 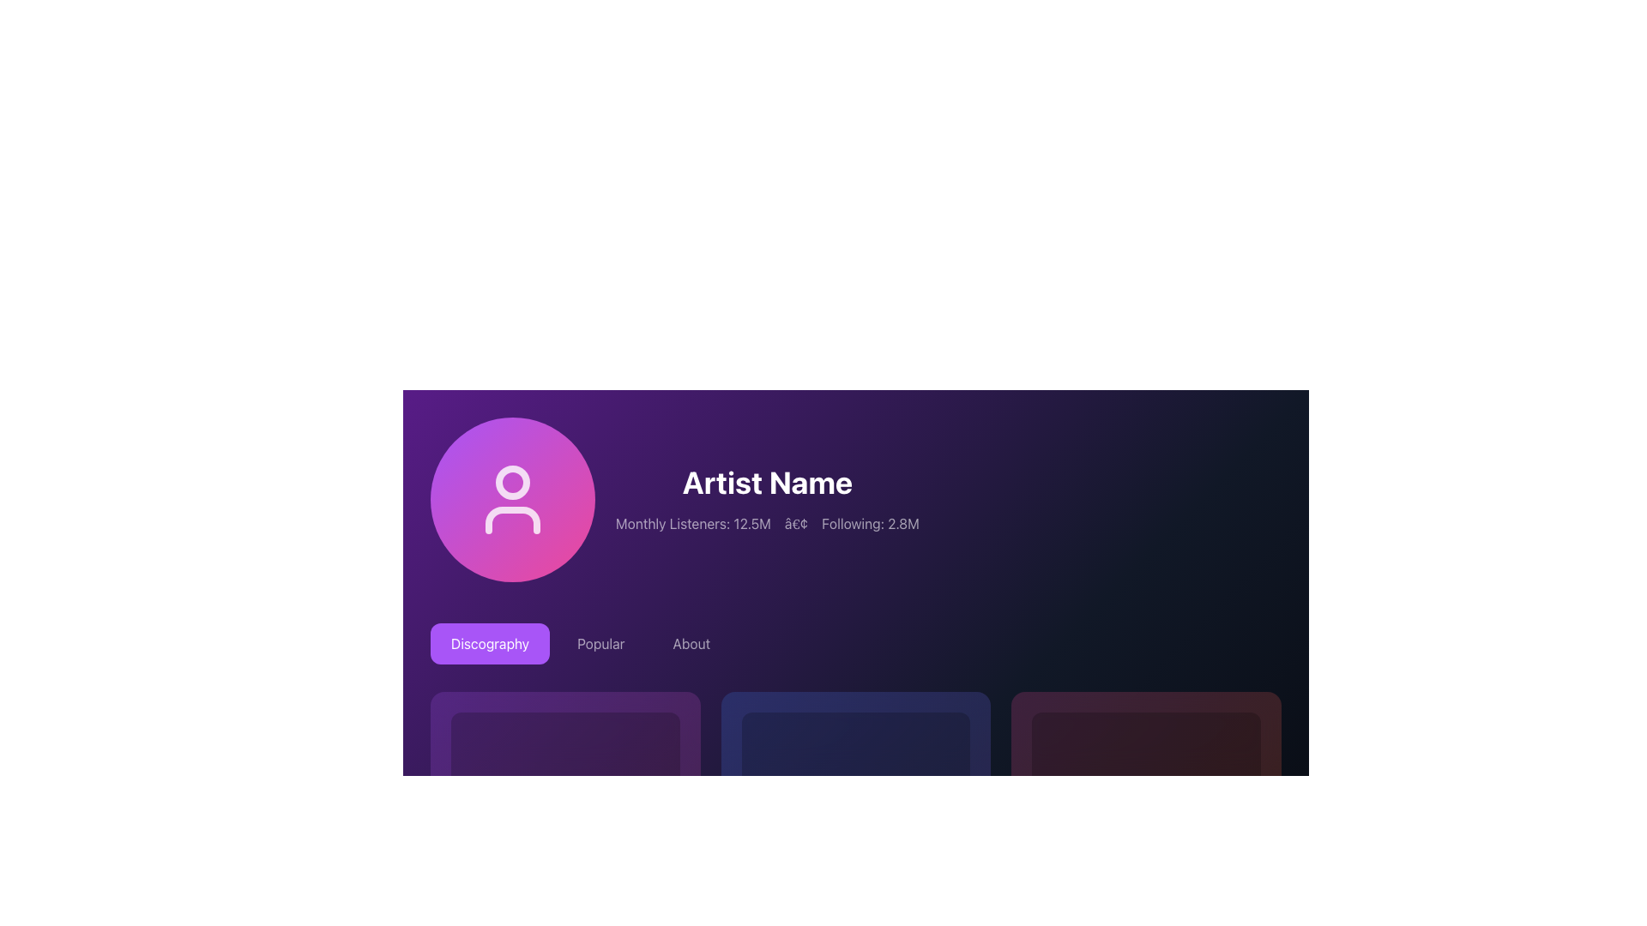 I want to click on the static text display showing 'Monthly Listeners: 12.5M', which is part of a compact horizontal information bar located on the left side before the dot separator, so click(x=693, y=522).